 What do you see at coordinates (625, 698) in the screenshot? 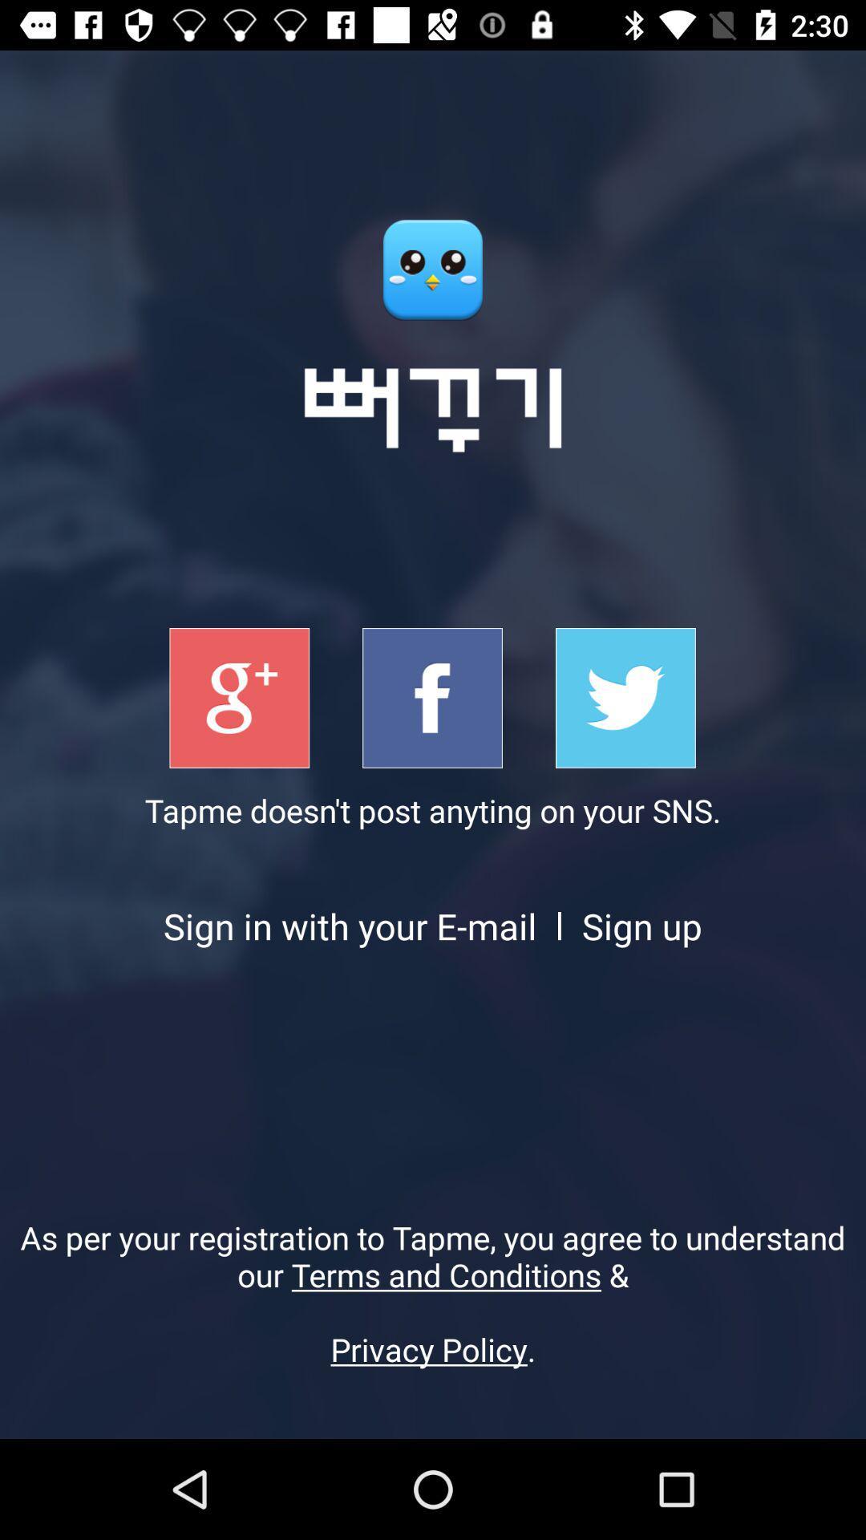
I see `the twitter icon` at bounding box center [625, 698].